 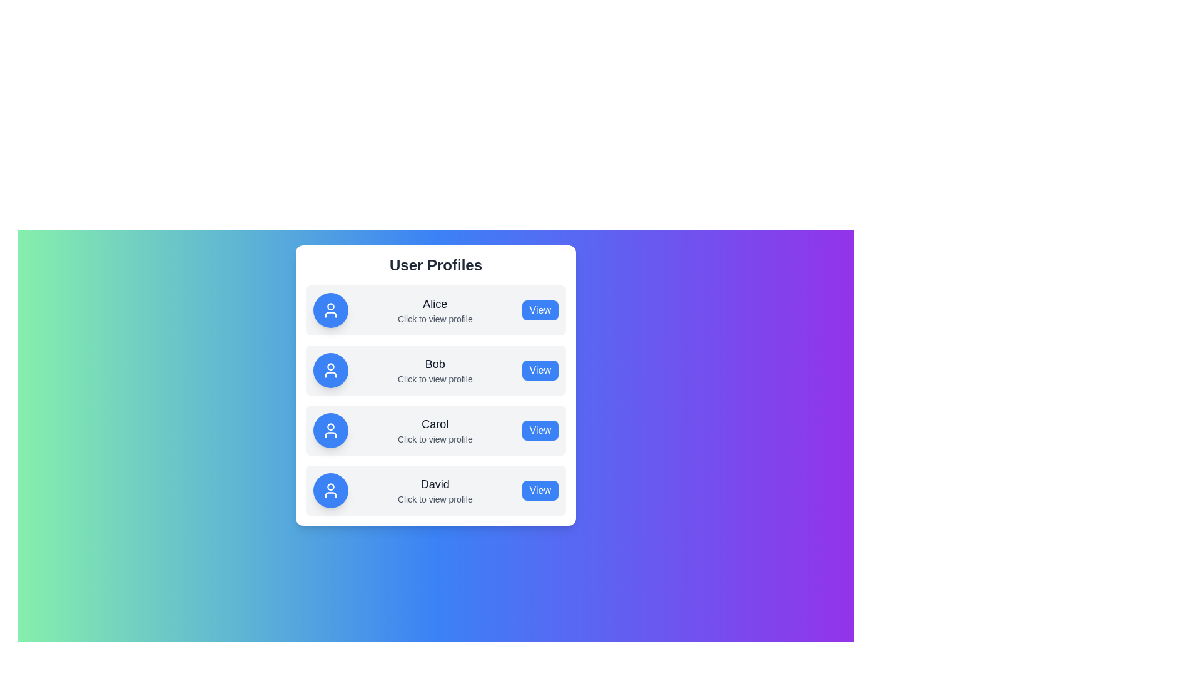 I want to click on the user profile SVG icon representing a user, which is located, so click(x=330, y=489).